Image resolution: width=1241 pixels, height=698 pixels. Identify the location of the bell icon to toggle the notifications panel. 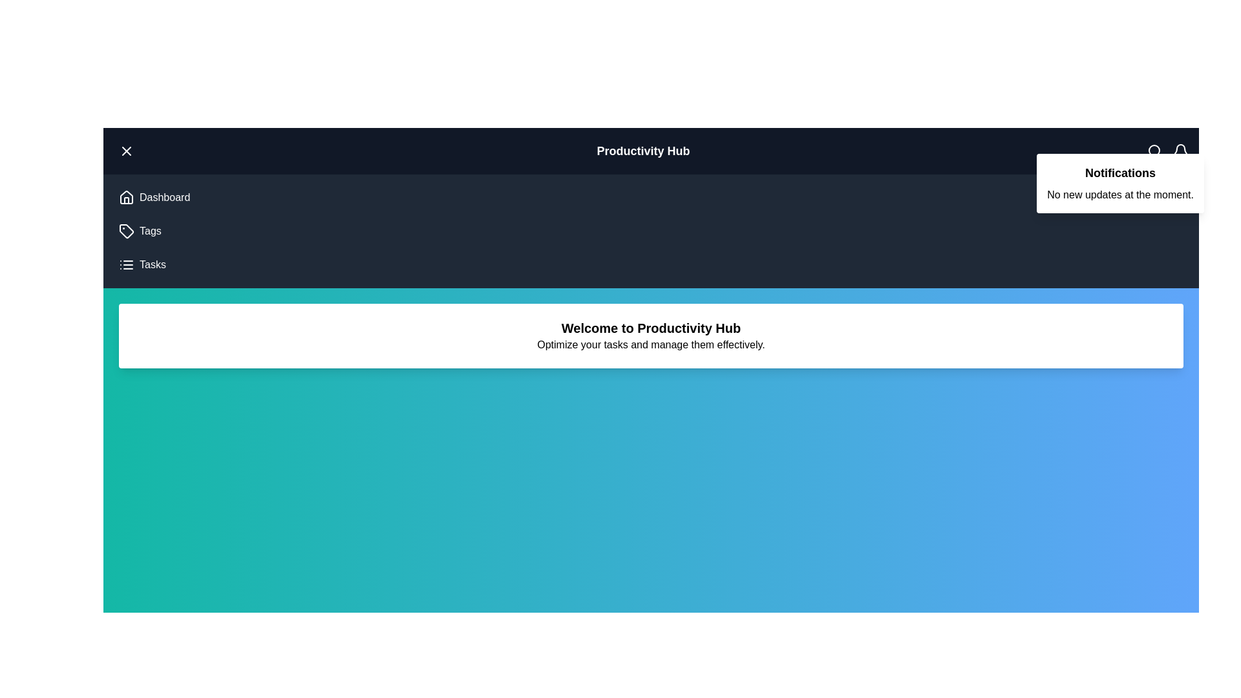
(1180, 151).